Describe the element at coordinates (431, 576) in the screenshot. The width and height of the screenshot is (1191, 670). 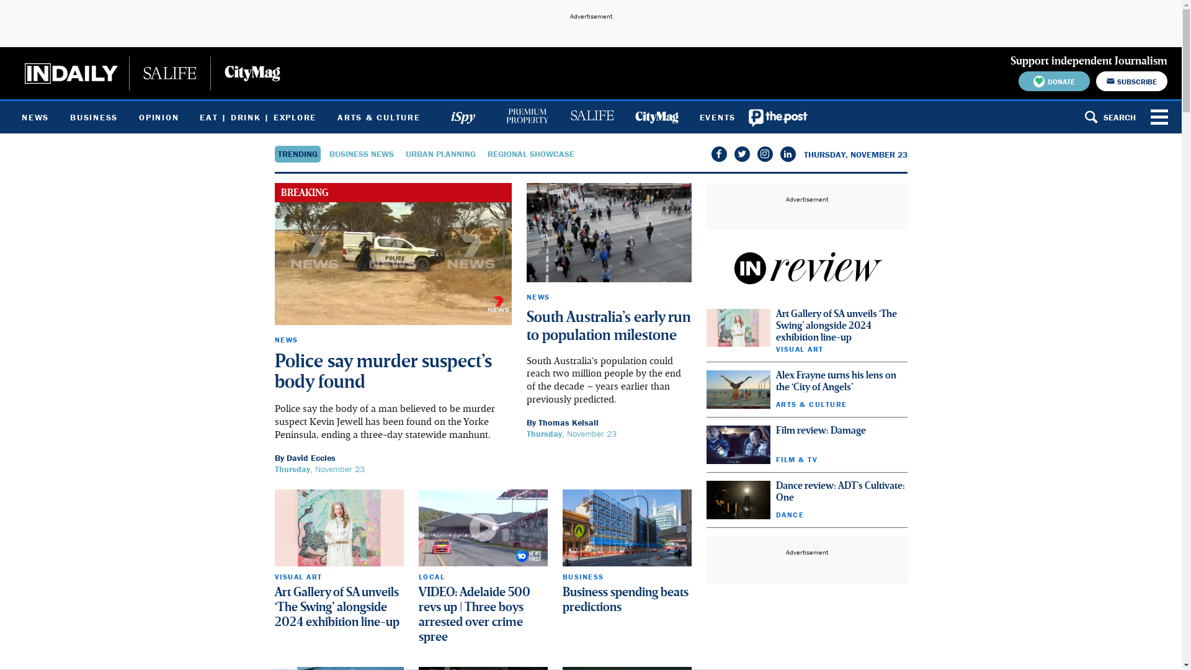
I see `'LOCAL'` at that location.